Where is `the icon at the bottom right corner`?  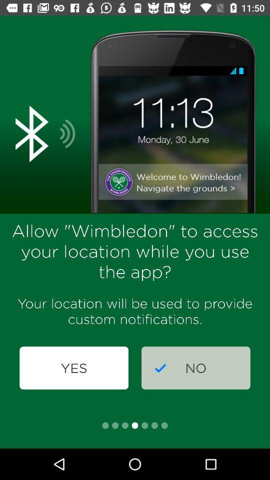
the icon at the bottom right corner is located at coordinates (195, 367).